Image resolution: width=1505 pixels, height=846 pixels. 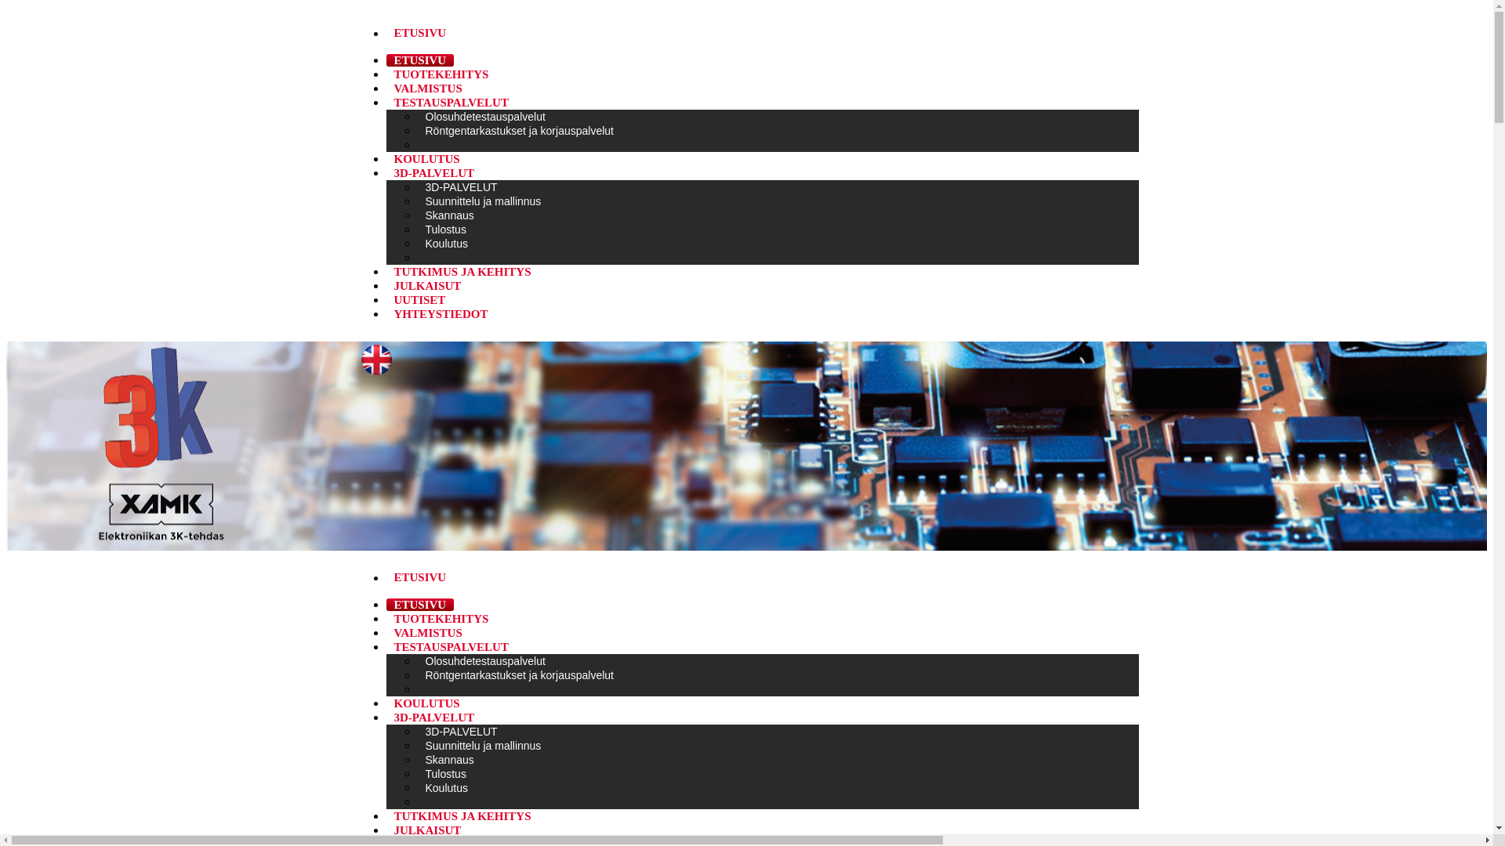 I want to click on 'Suunnittelu ja mallinnus', so click(x=417, y=201).